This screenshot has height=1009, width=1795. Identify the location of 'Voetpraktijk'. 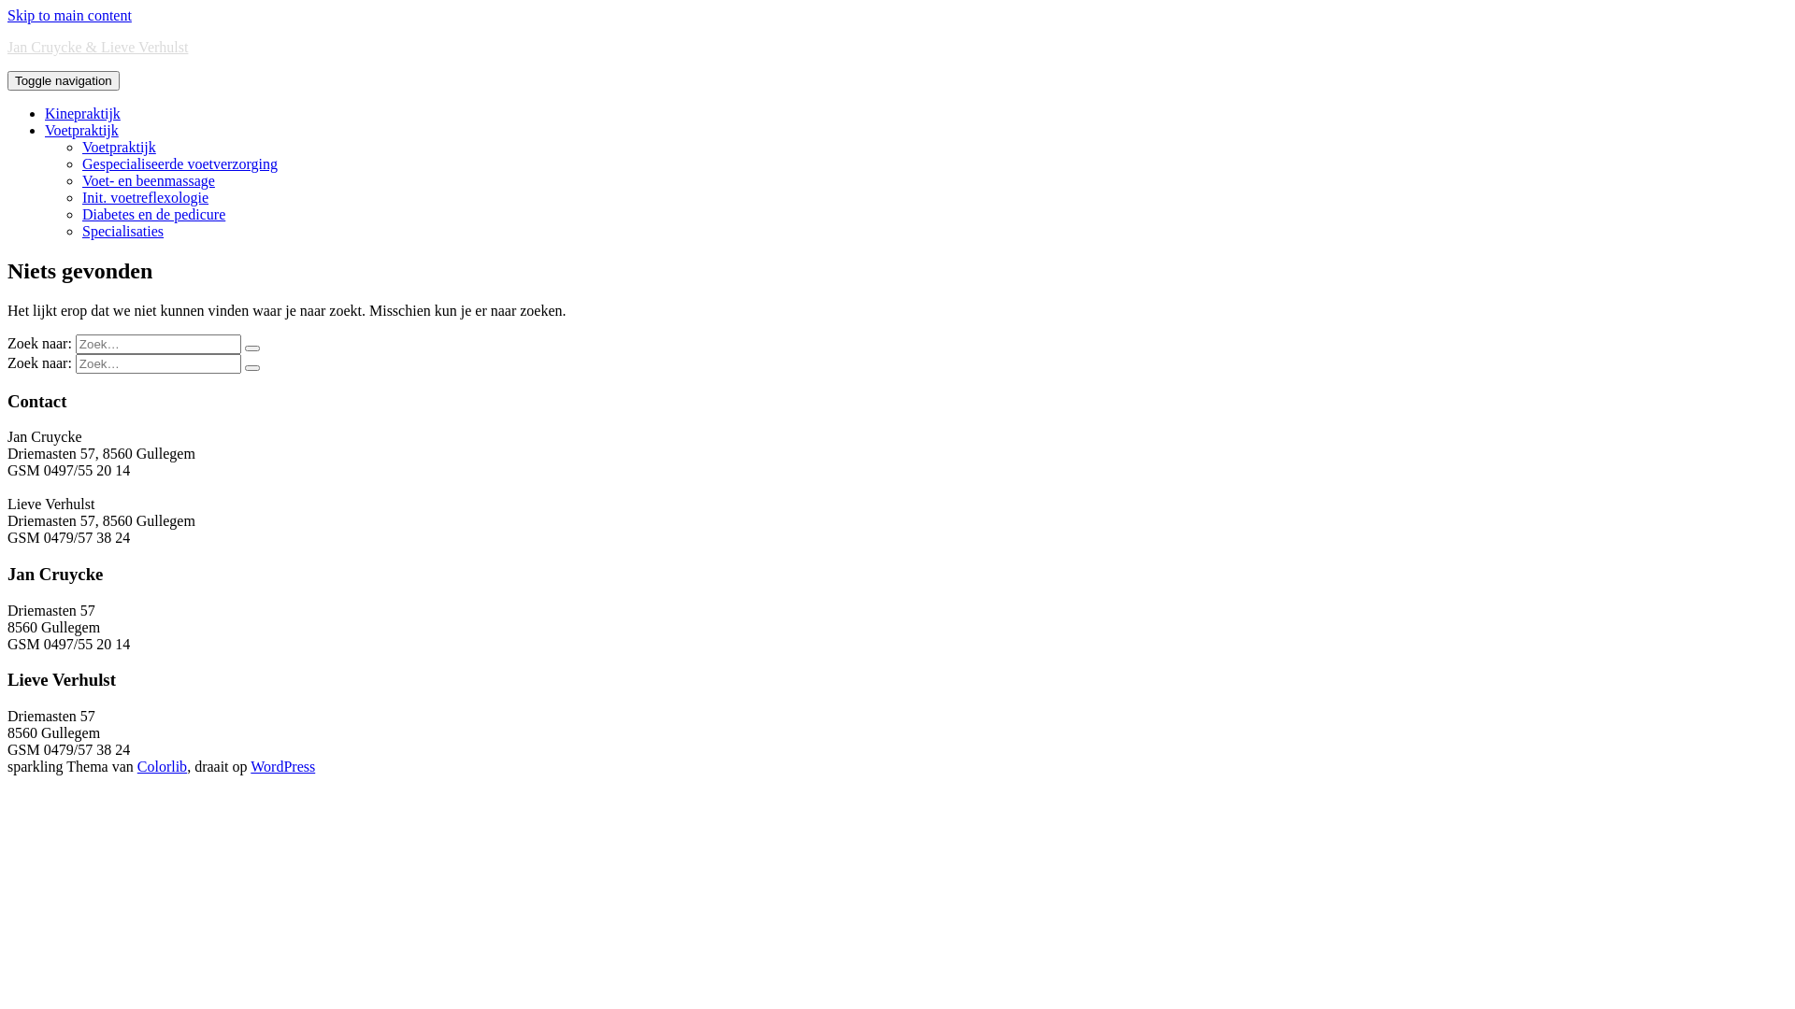
(118, 146).